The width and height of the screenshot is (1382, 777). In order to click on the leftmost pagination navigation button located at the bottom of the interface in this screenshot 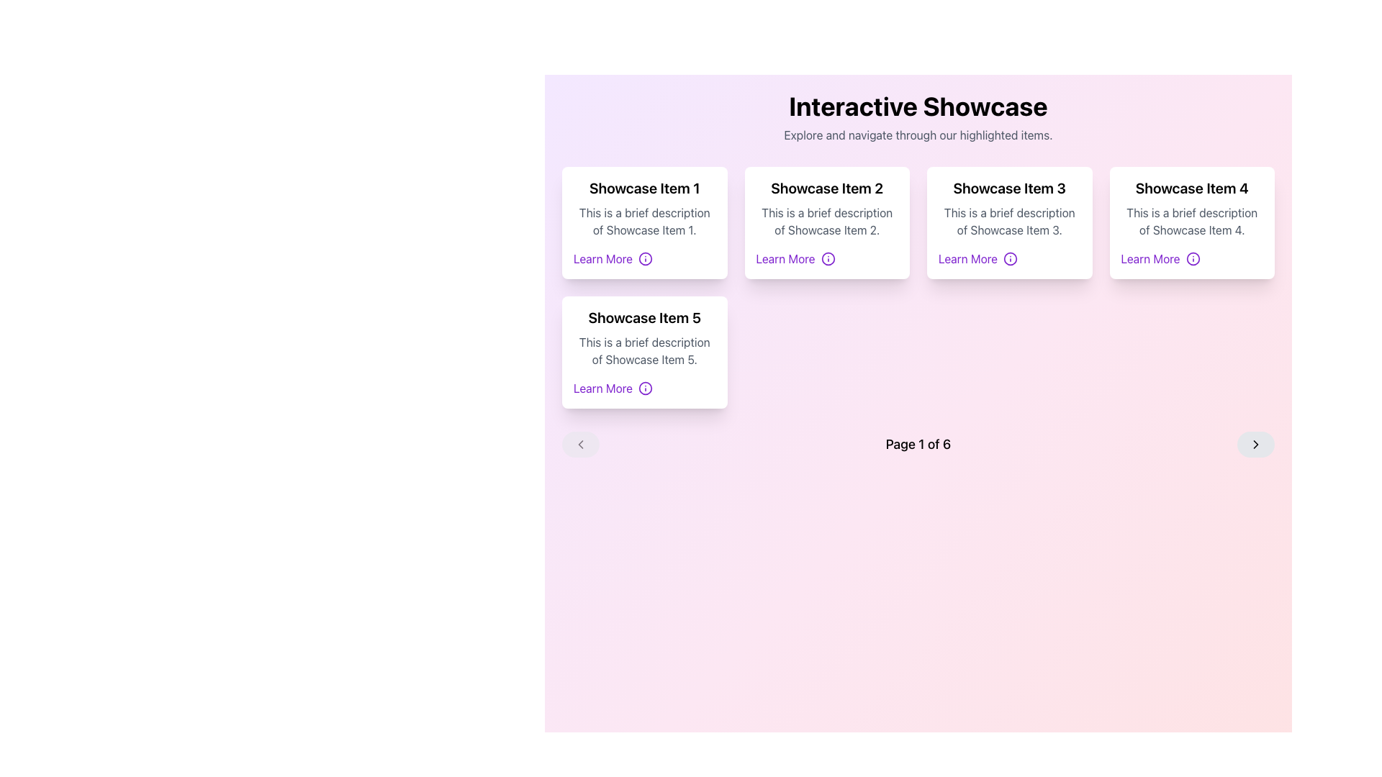, I will do `click(580, 443)`.